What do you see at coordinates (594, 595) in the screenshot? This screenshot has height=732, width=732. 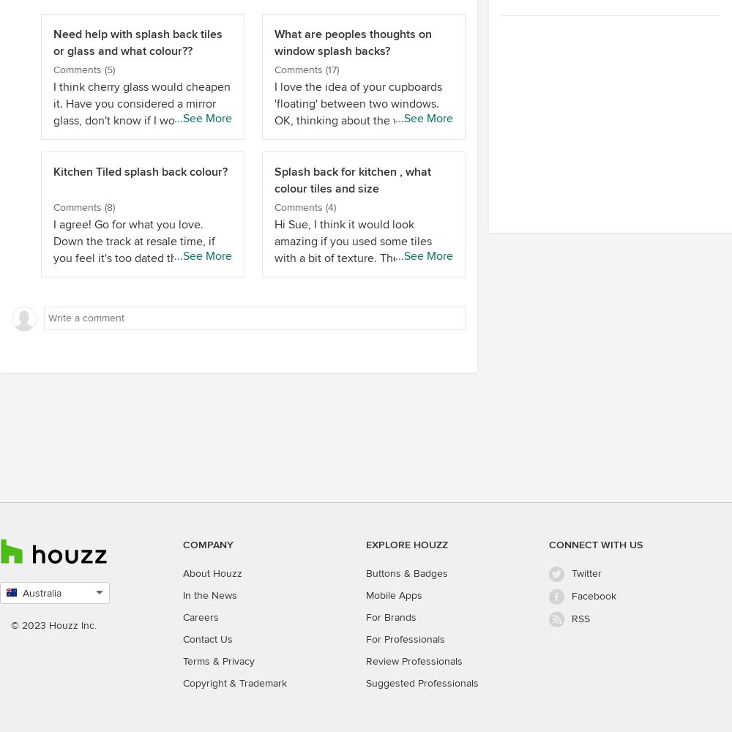 I see `'Facebook'` at bounding box center [594, 595].